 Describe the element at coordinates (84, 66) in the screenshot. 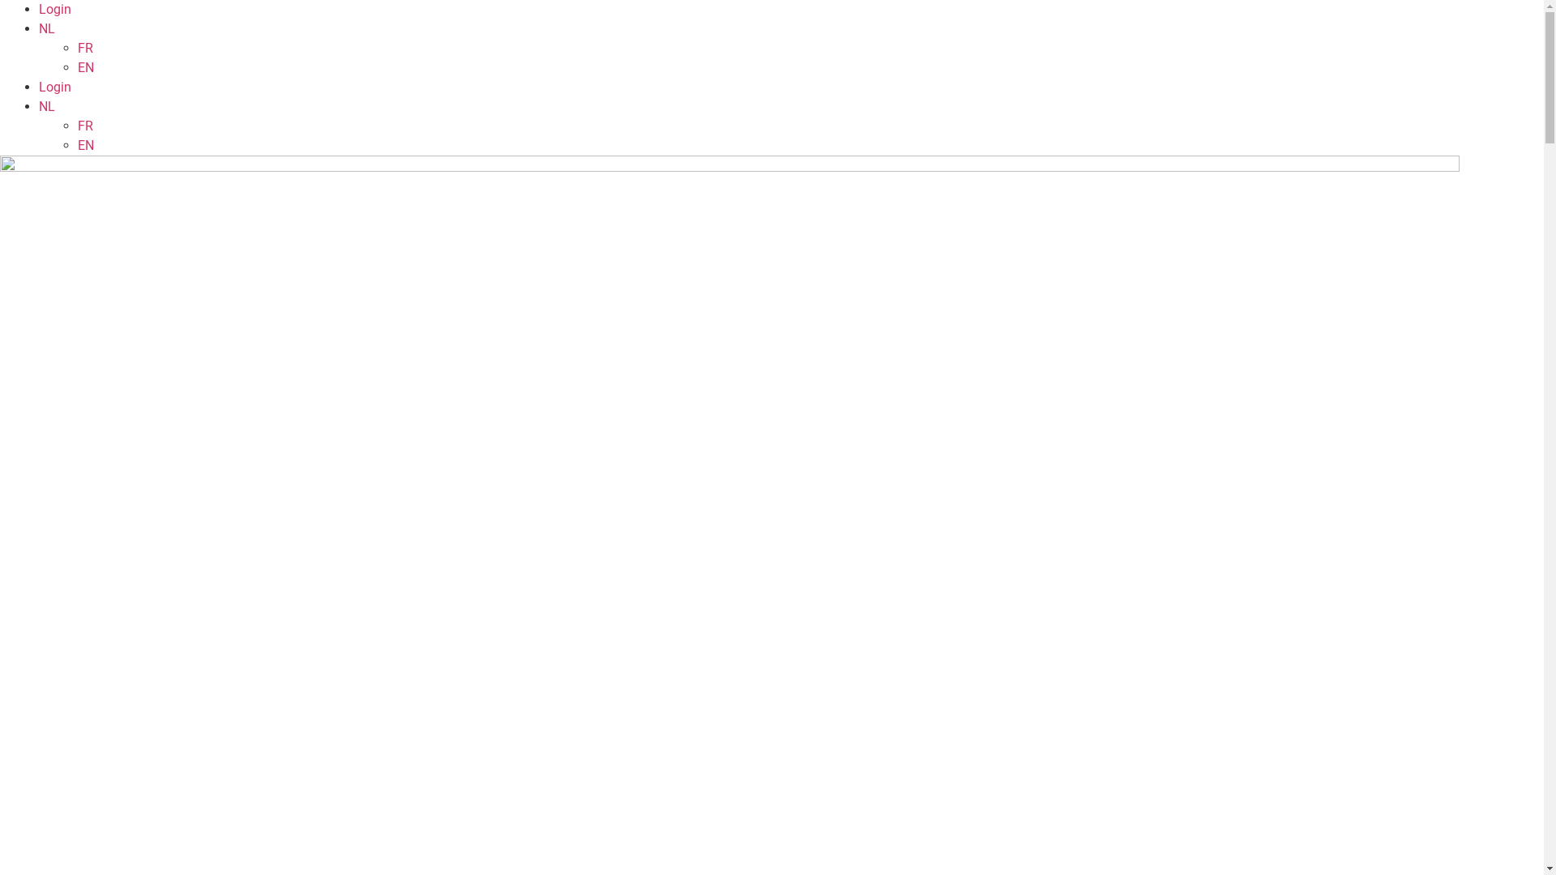

I see `'EN'` at that location.